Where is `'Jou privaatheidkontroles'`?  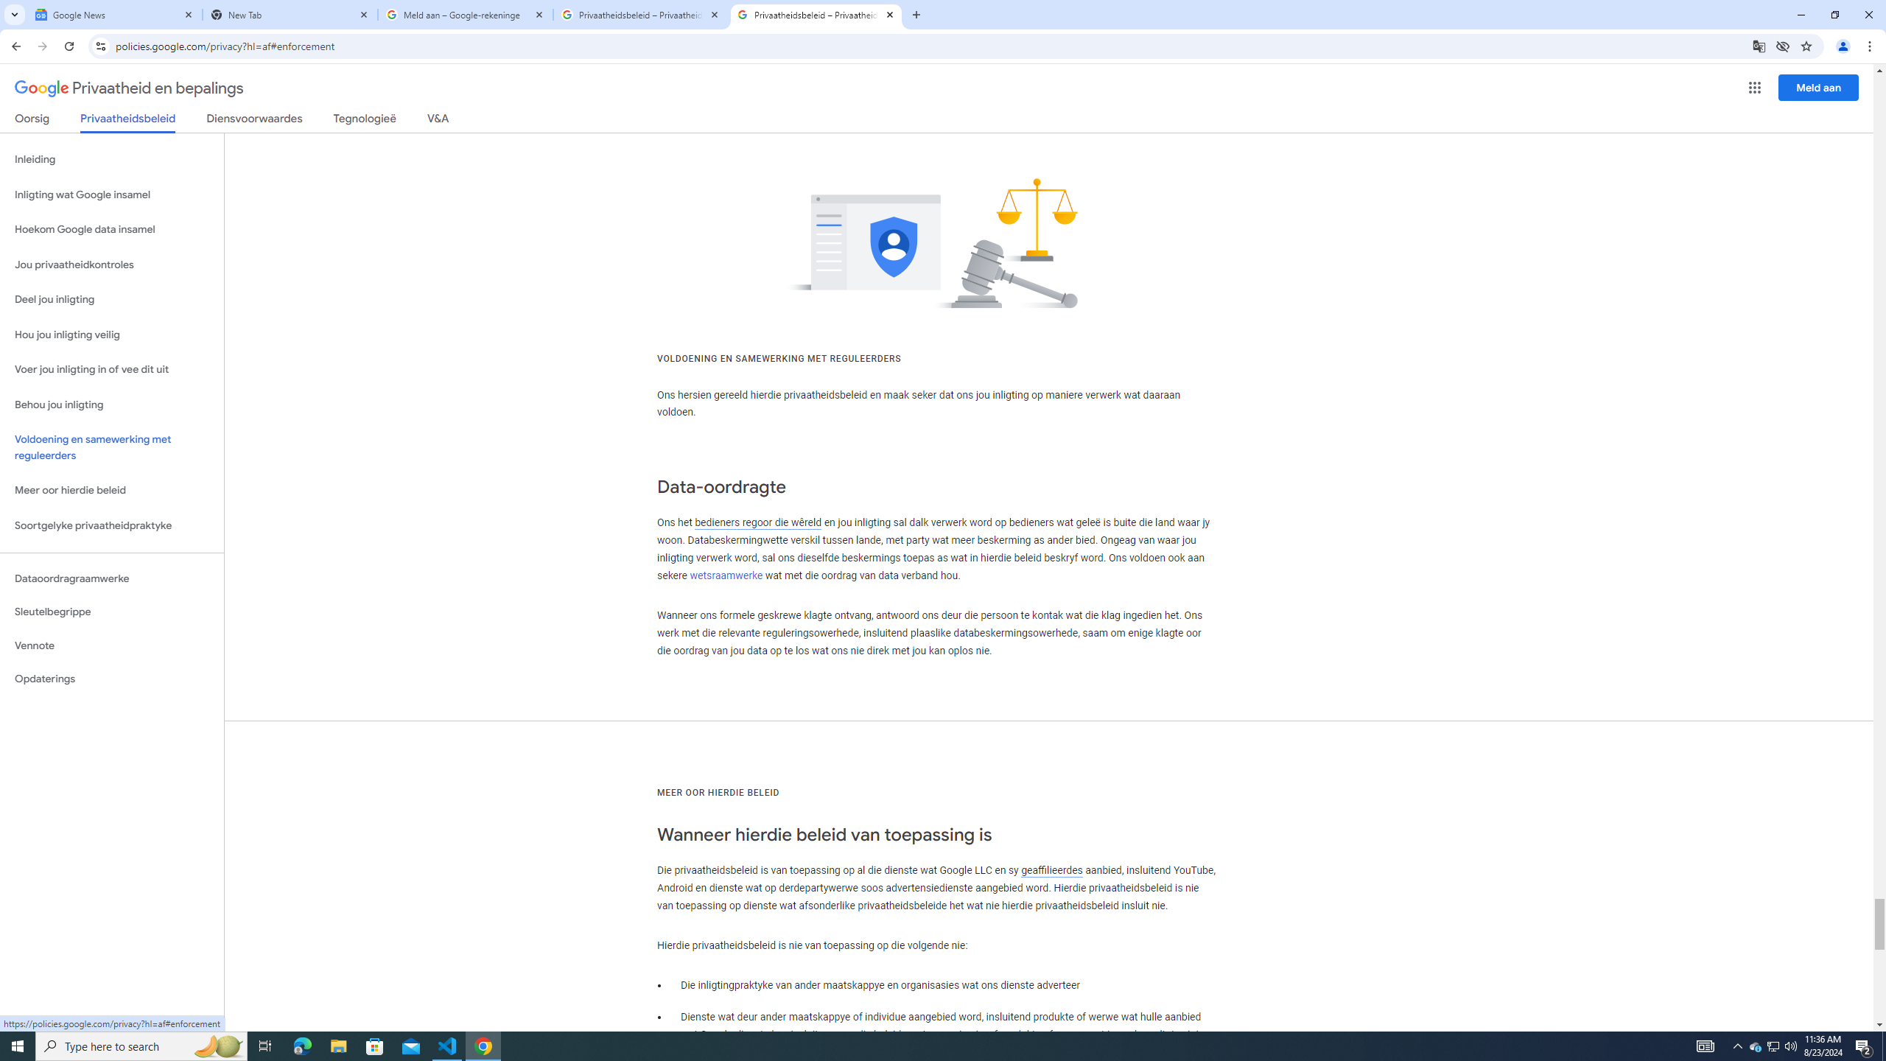 'Jou privaatheidkontroles' is located at coordinates (111, 265).